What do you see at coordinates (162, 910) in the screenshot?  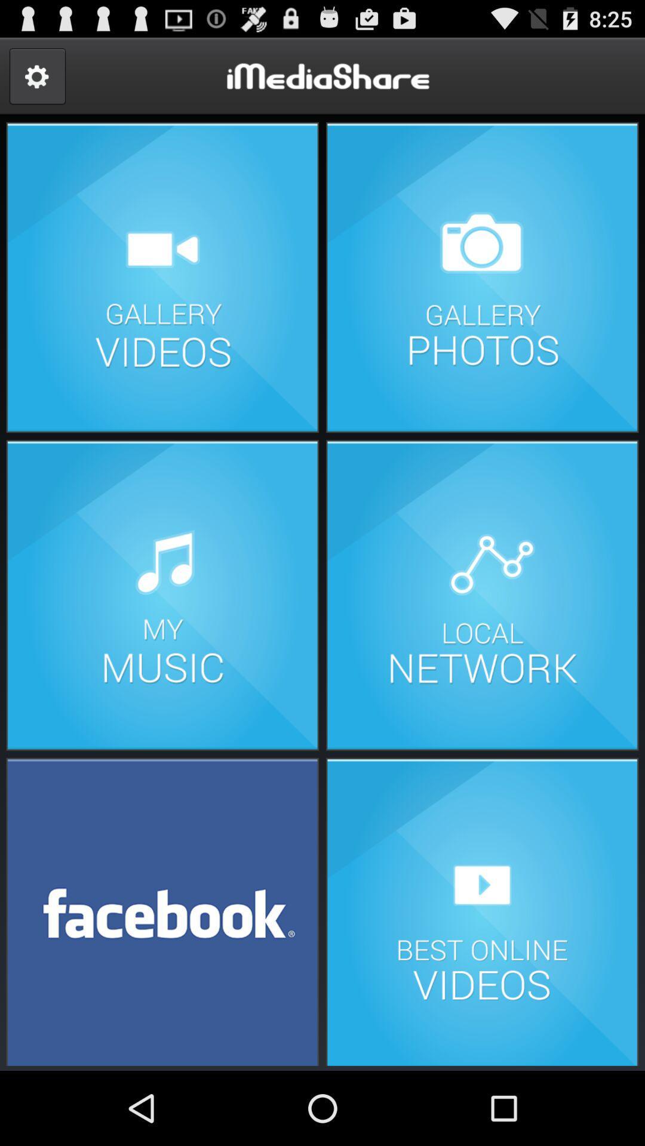 I see `facebook` at bounding box center [162, 910].